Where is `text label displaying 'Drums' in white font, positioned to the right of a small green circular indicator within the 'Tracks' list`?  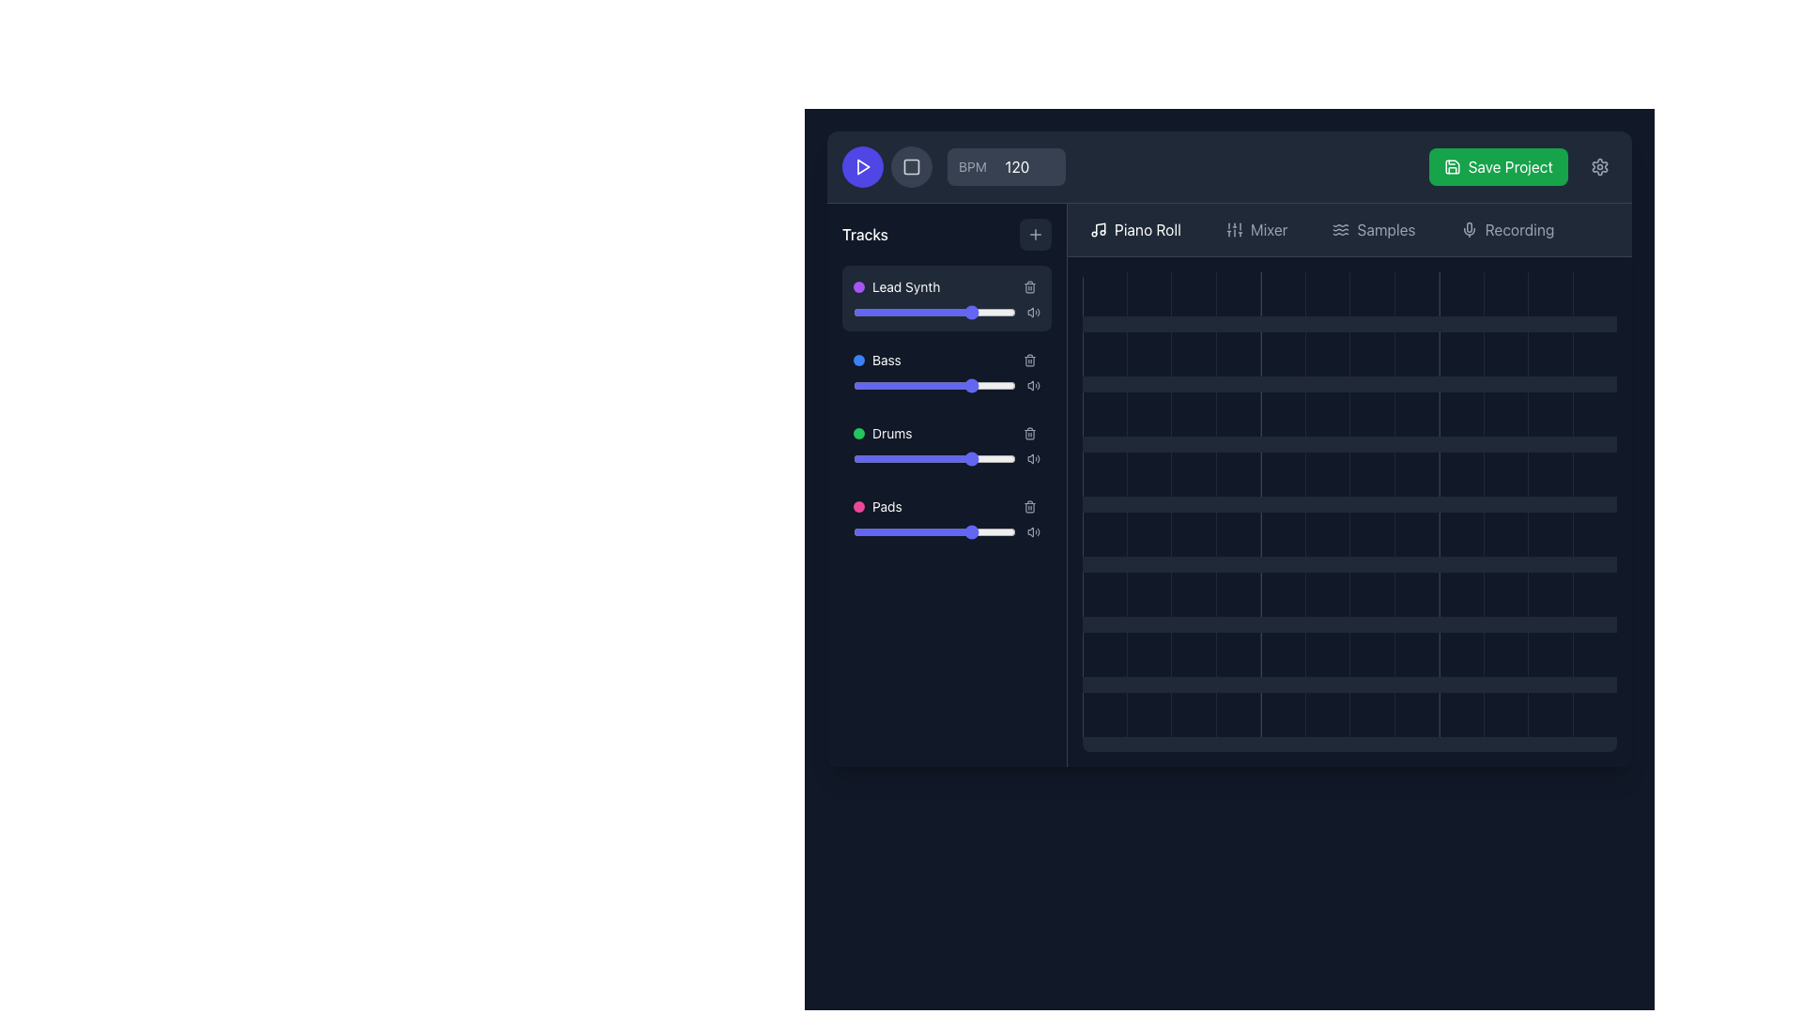
text label displaying 'Drums' in white font, positioned to the right of a small green circular indicator within the 'Tracks' list is located at coordinates (891, 434).